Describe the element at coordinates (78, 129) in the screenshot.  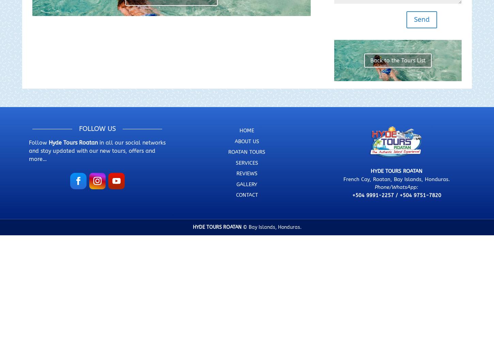
I see `'FOLLOW US'` at that location.